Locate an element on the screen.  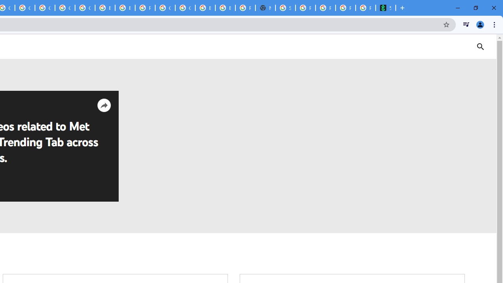
'Privacy Checkup' is located at coordinates (345, 8).